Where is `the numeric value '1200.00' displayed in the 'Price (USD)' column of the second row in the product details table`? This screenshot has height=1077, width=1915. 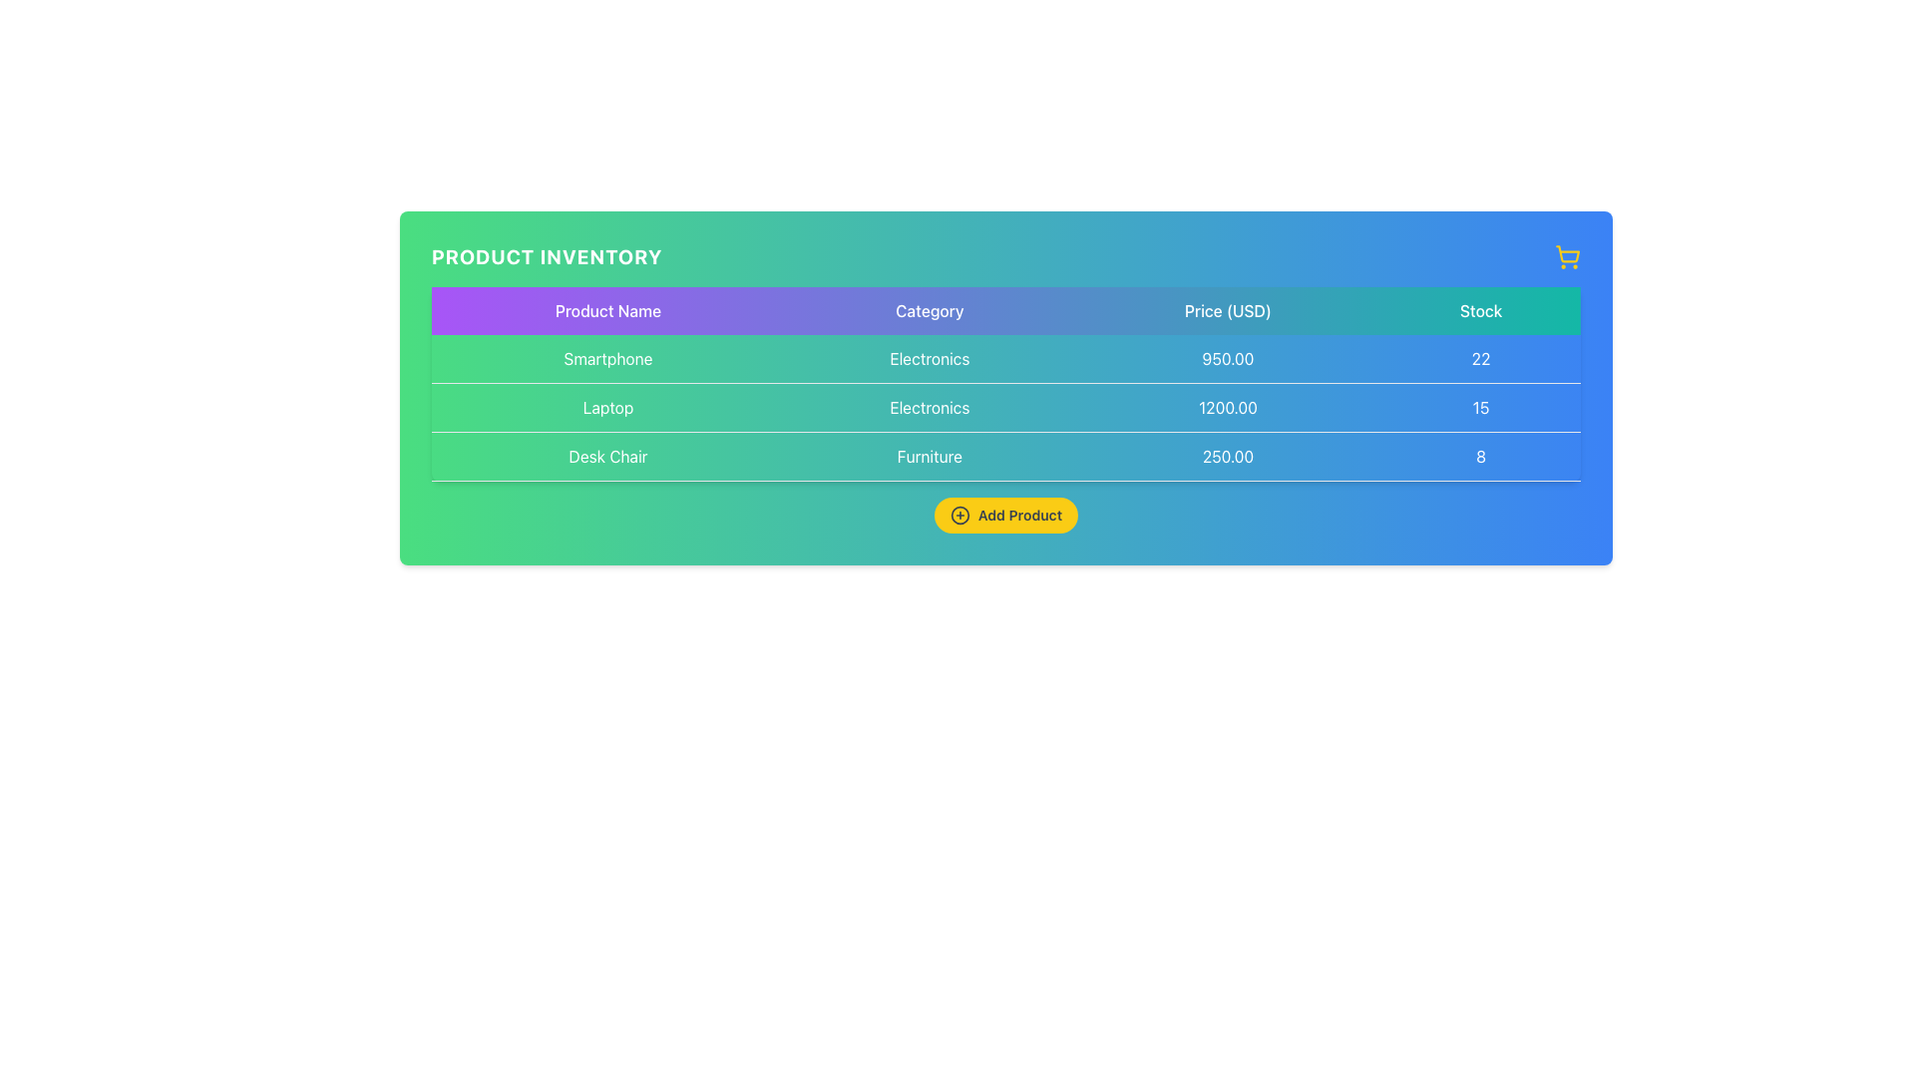
the numeric value '1200.00' displayed in the 'Price (USD)' column of the second row in the product details table is located at coordinates (1227, 406).